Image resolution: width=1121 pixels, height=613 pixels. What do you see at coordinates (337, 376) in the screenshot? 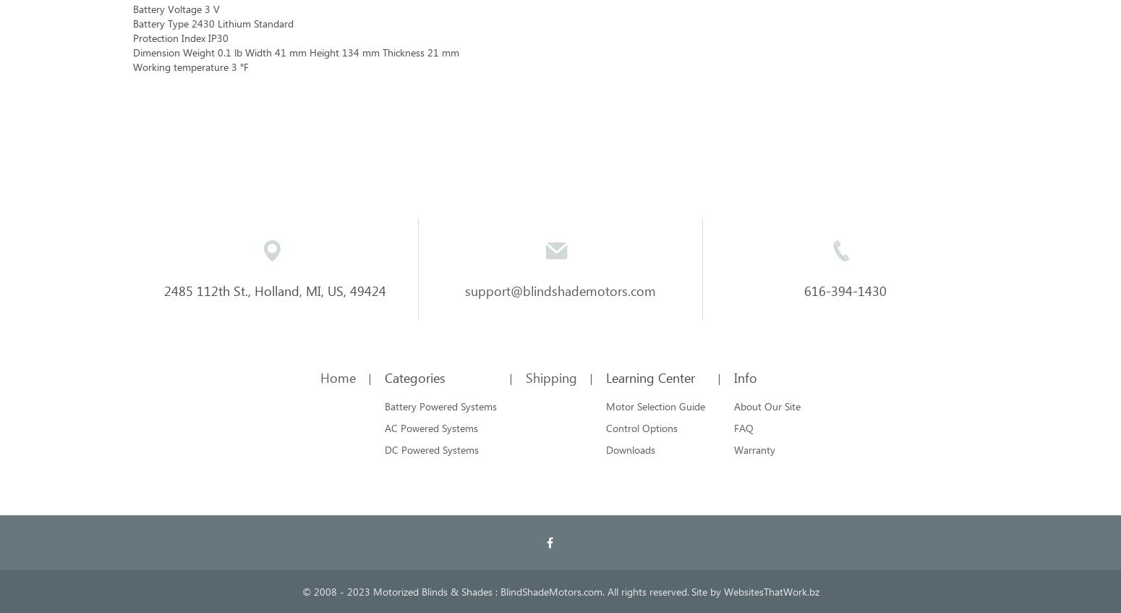
I see `'Home'` at bounding box center [337, 376].